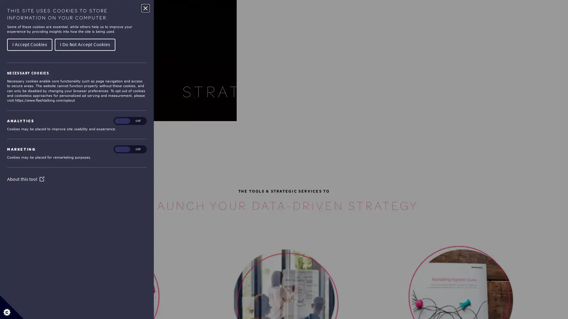 This screenshot has height=319, width=568. Describe the element at coordinates (145, 8) in the screenshot. I see `Close Cookie Control` at that location.